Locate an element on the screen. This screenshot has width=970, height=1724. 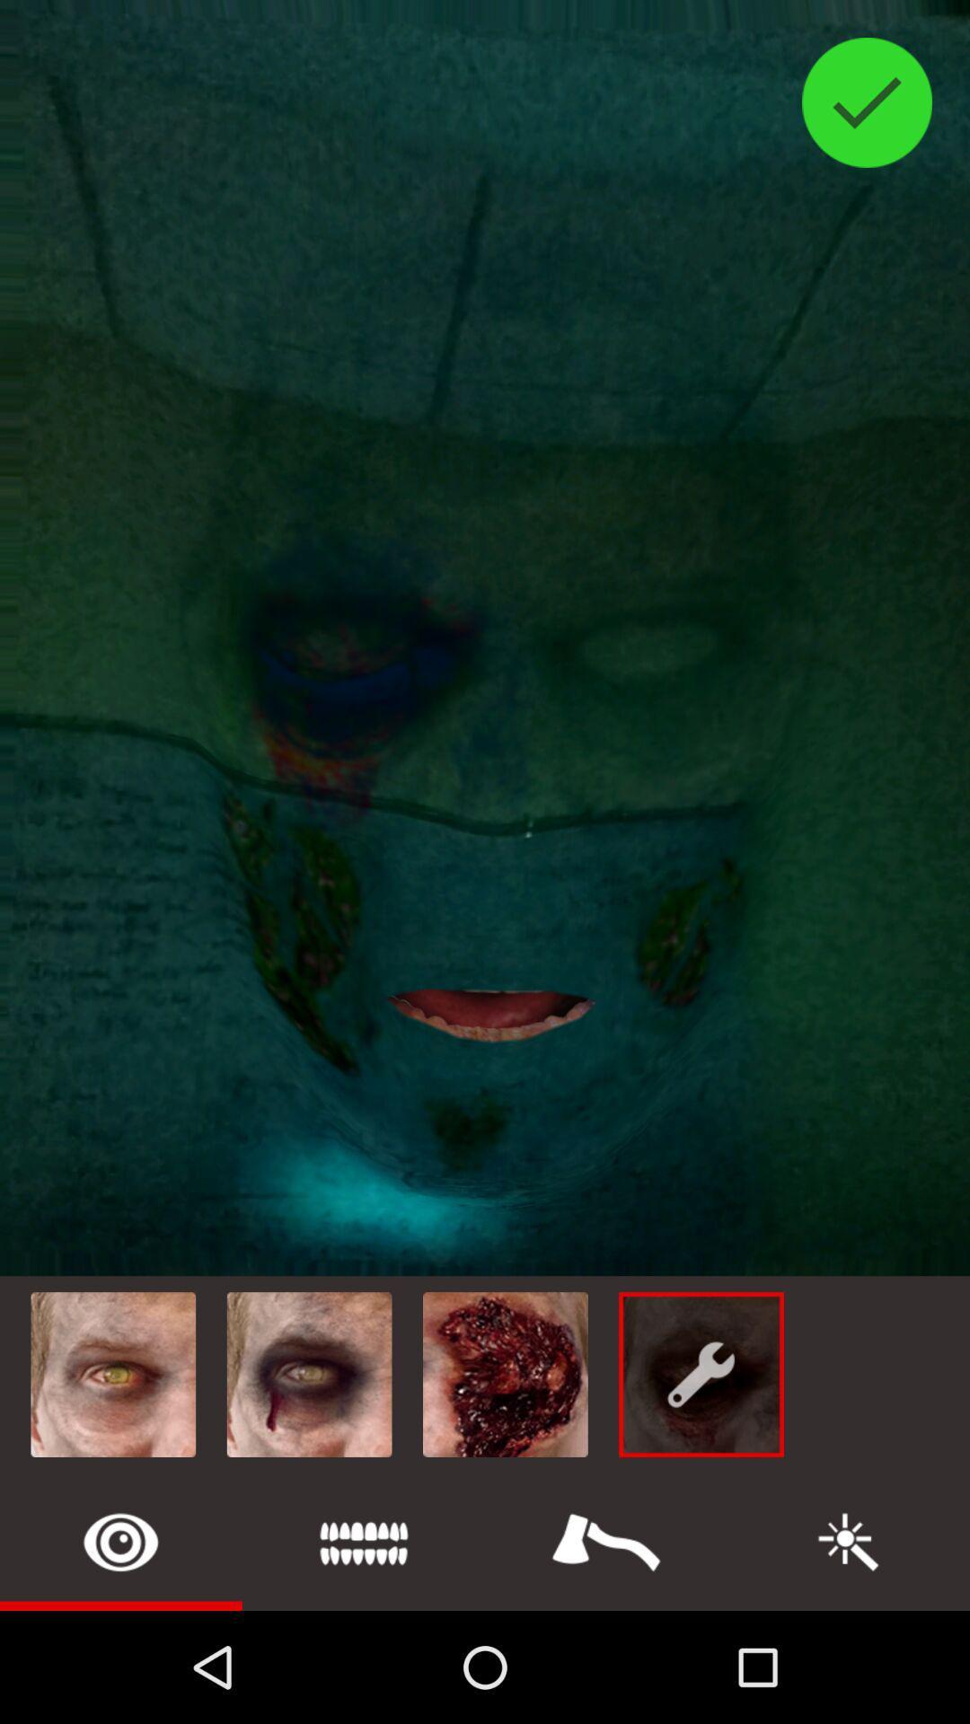
use hatchet is located at coordinates (606, 1541).